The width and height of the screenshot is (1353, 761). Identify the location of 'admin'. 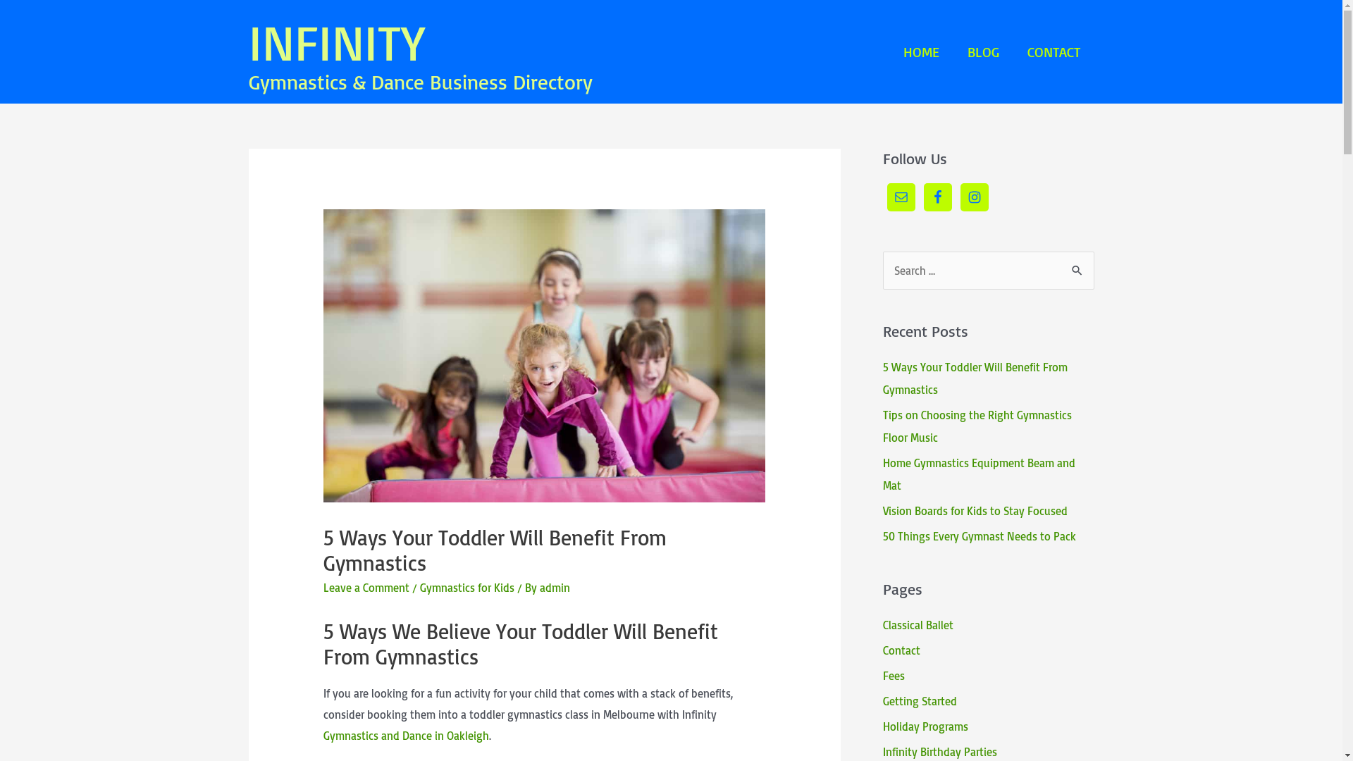
(554, 587).